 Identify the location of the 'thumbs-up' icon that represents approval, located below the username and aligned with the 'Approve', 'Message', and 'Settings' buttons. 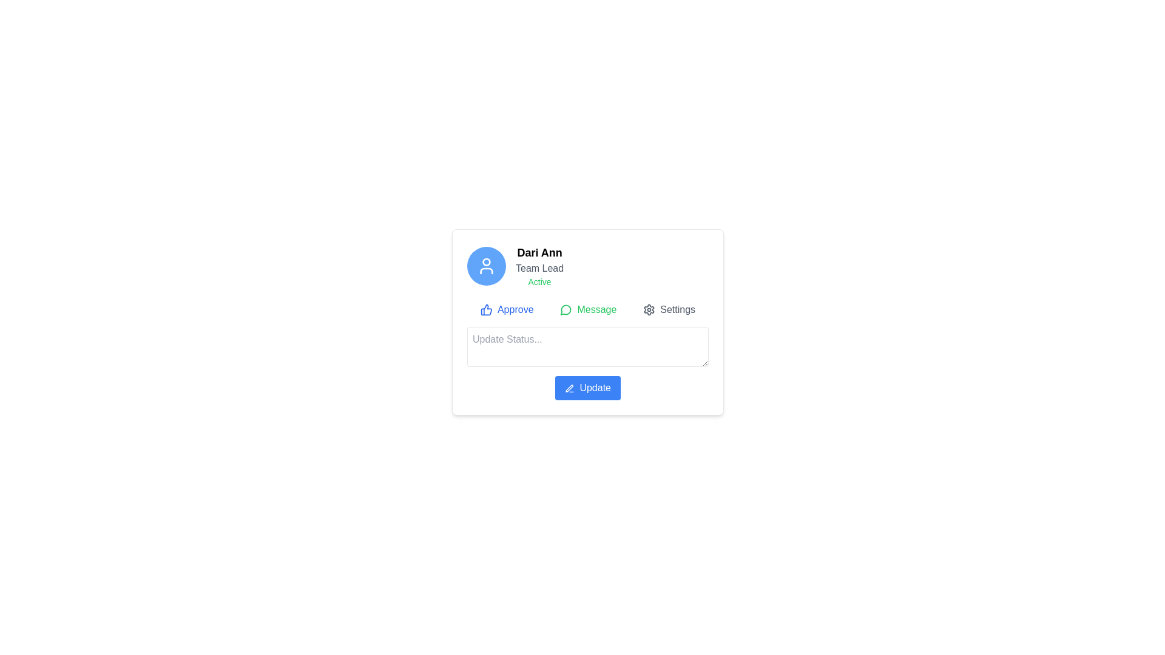
(486, 309).